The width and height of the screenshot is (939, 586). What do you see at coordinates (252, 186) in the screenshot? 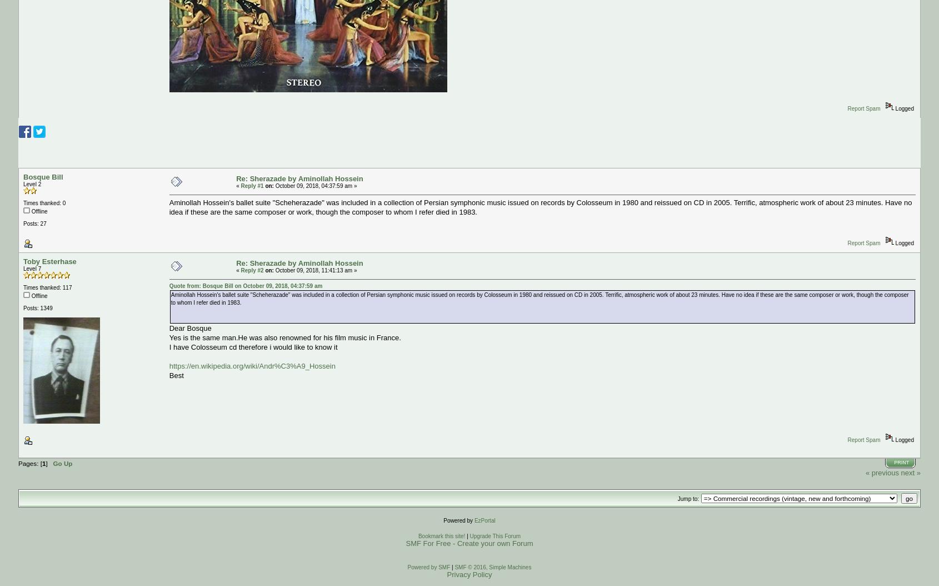
I see `'Reply #1'` at bounding box center [252, 186].